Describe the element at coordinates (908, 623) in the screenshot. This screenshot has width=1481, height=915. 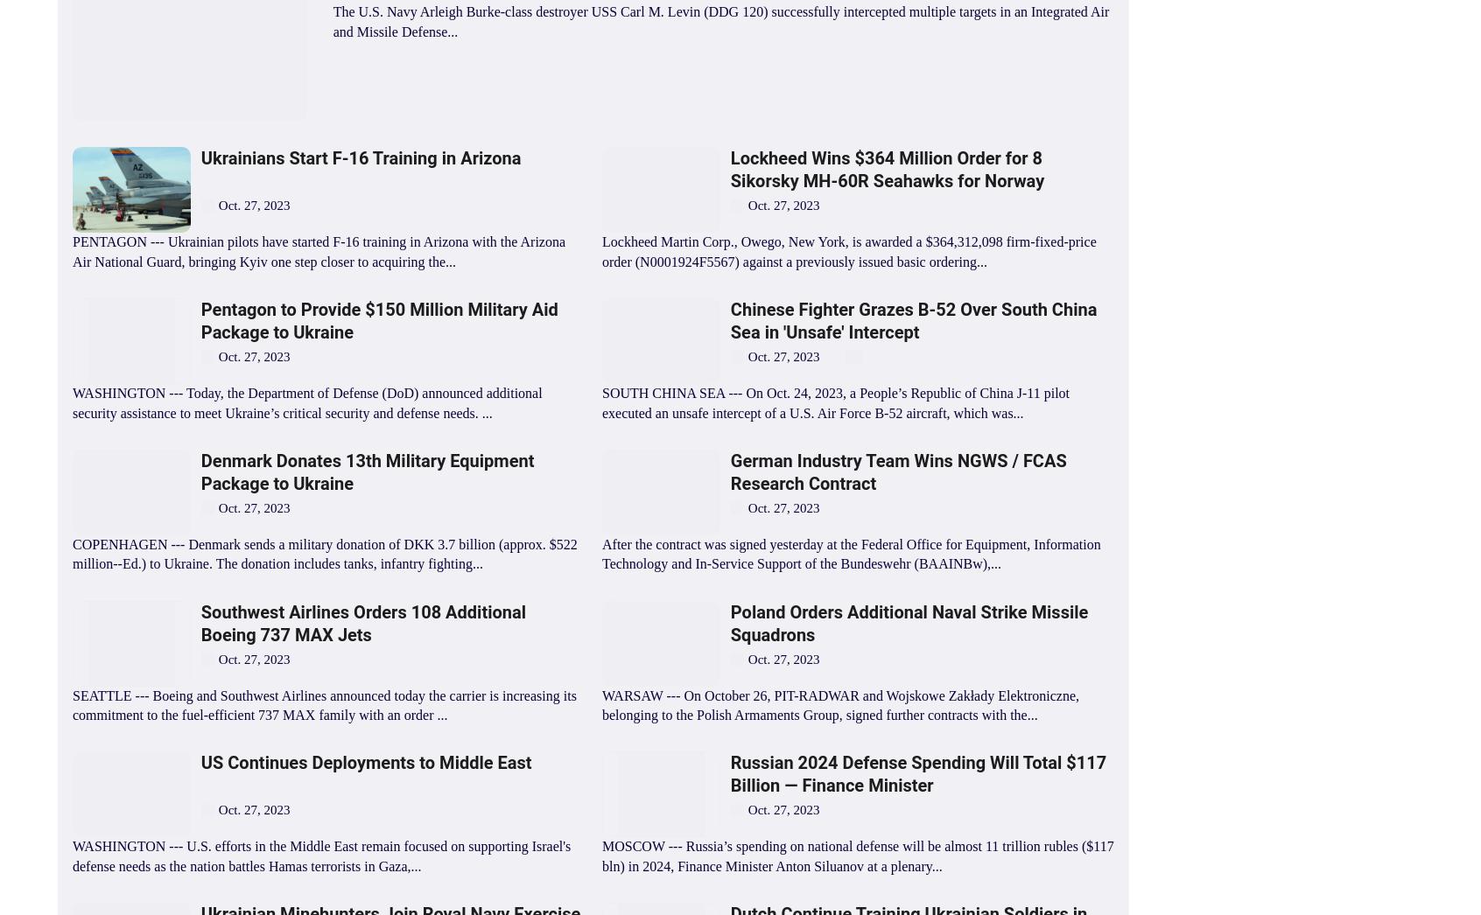
I see `'Poland Orders Additional Naval Strike Missile Squadrons'` at that location.